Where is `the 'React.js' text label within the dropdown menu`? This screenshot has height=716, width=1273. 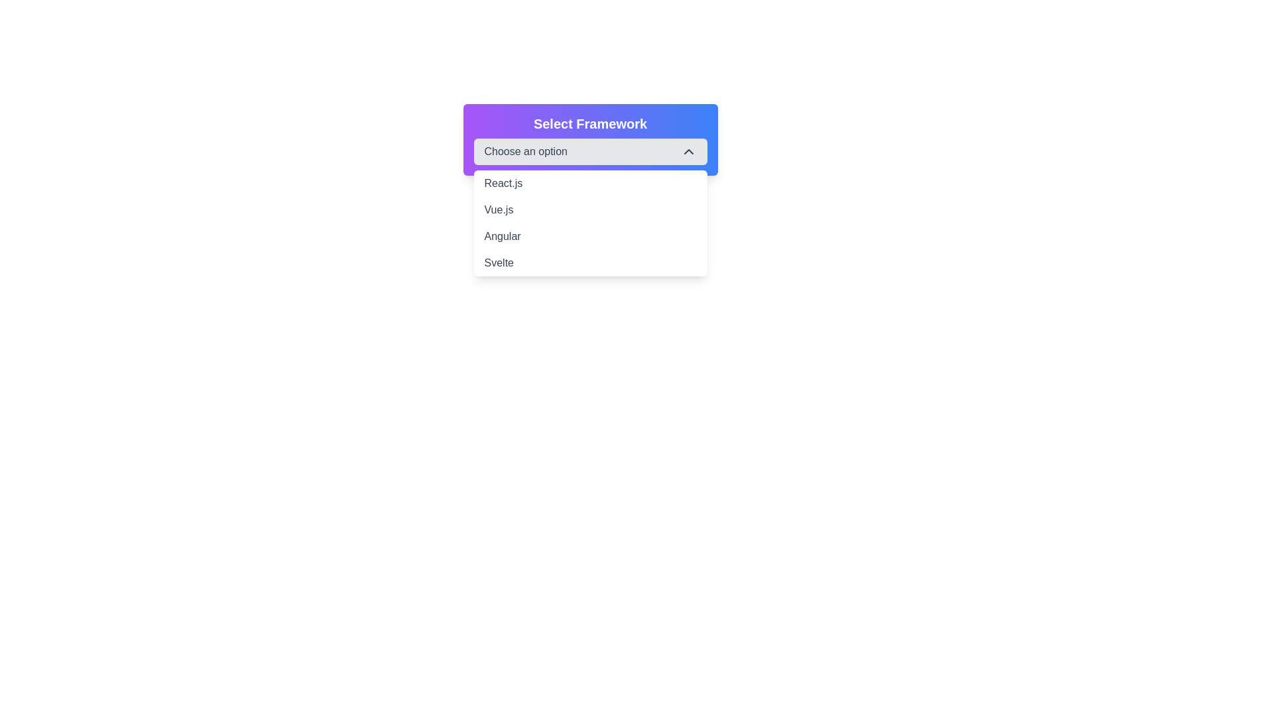
the 'React.js' text label within the dropdown menu is located at coordinates (503, 184).